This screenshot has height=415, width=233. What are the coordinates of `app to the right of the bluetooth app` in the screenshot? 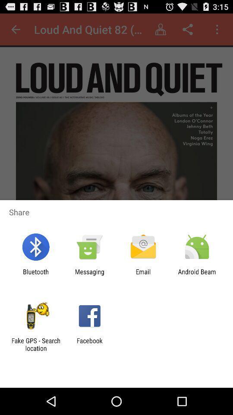 It's located at (89, 275).